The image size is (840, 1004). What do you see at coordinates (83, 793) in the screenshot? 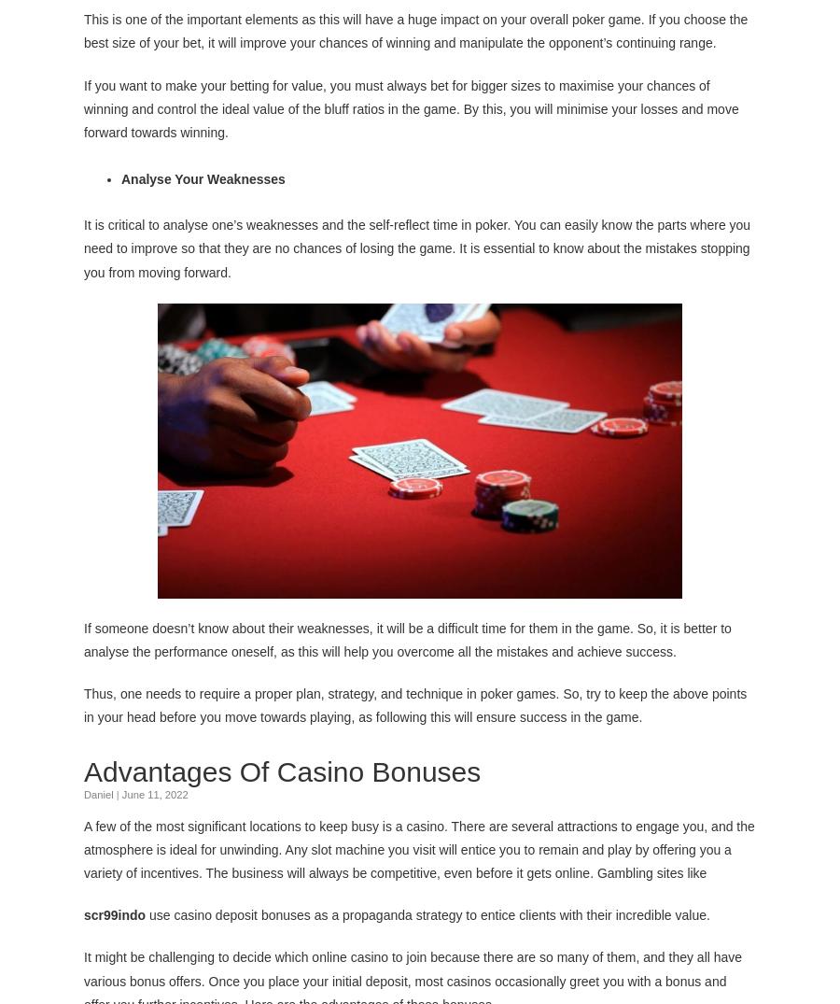
I see `'Daniel'` at bounding box center [83, 793].